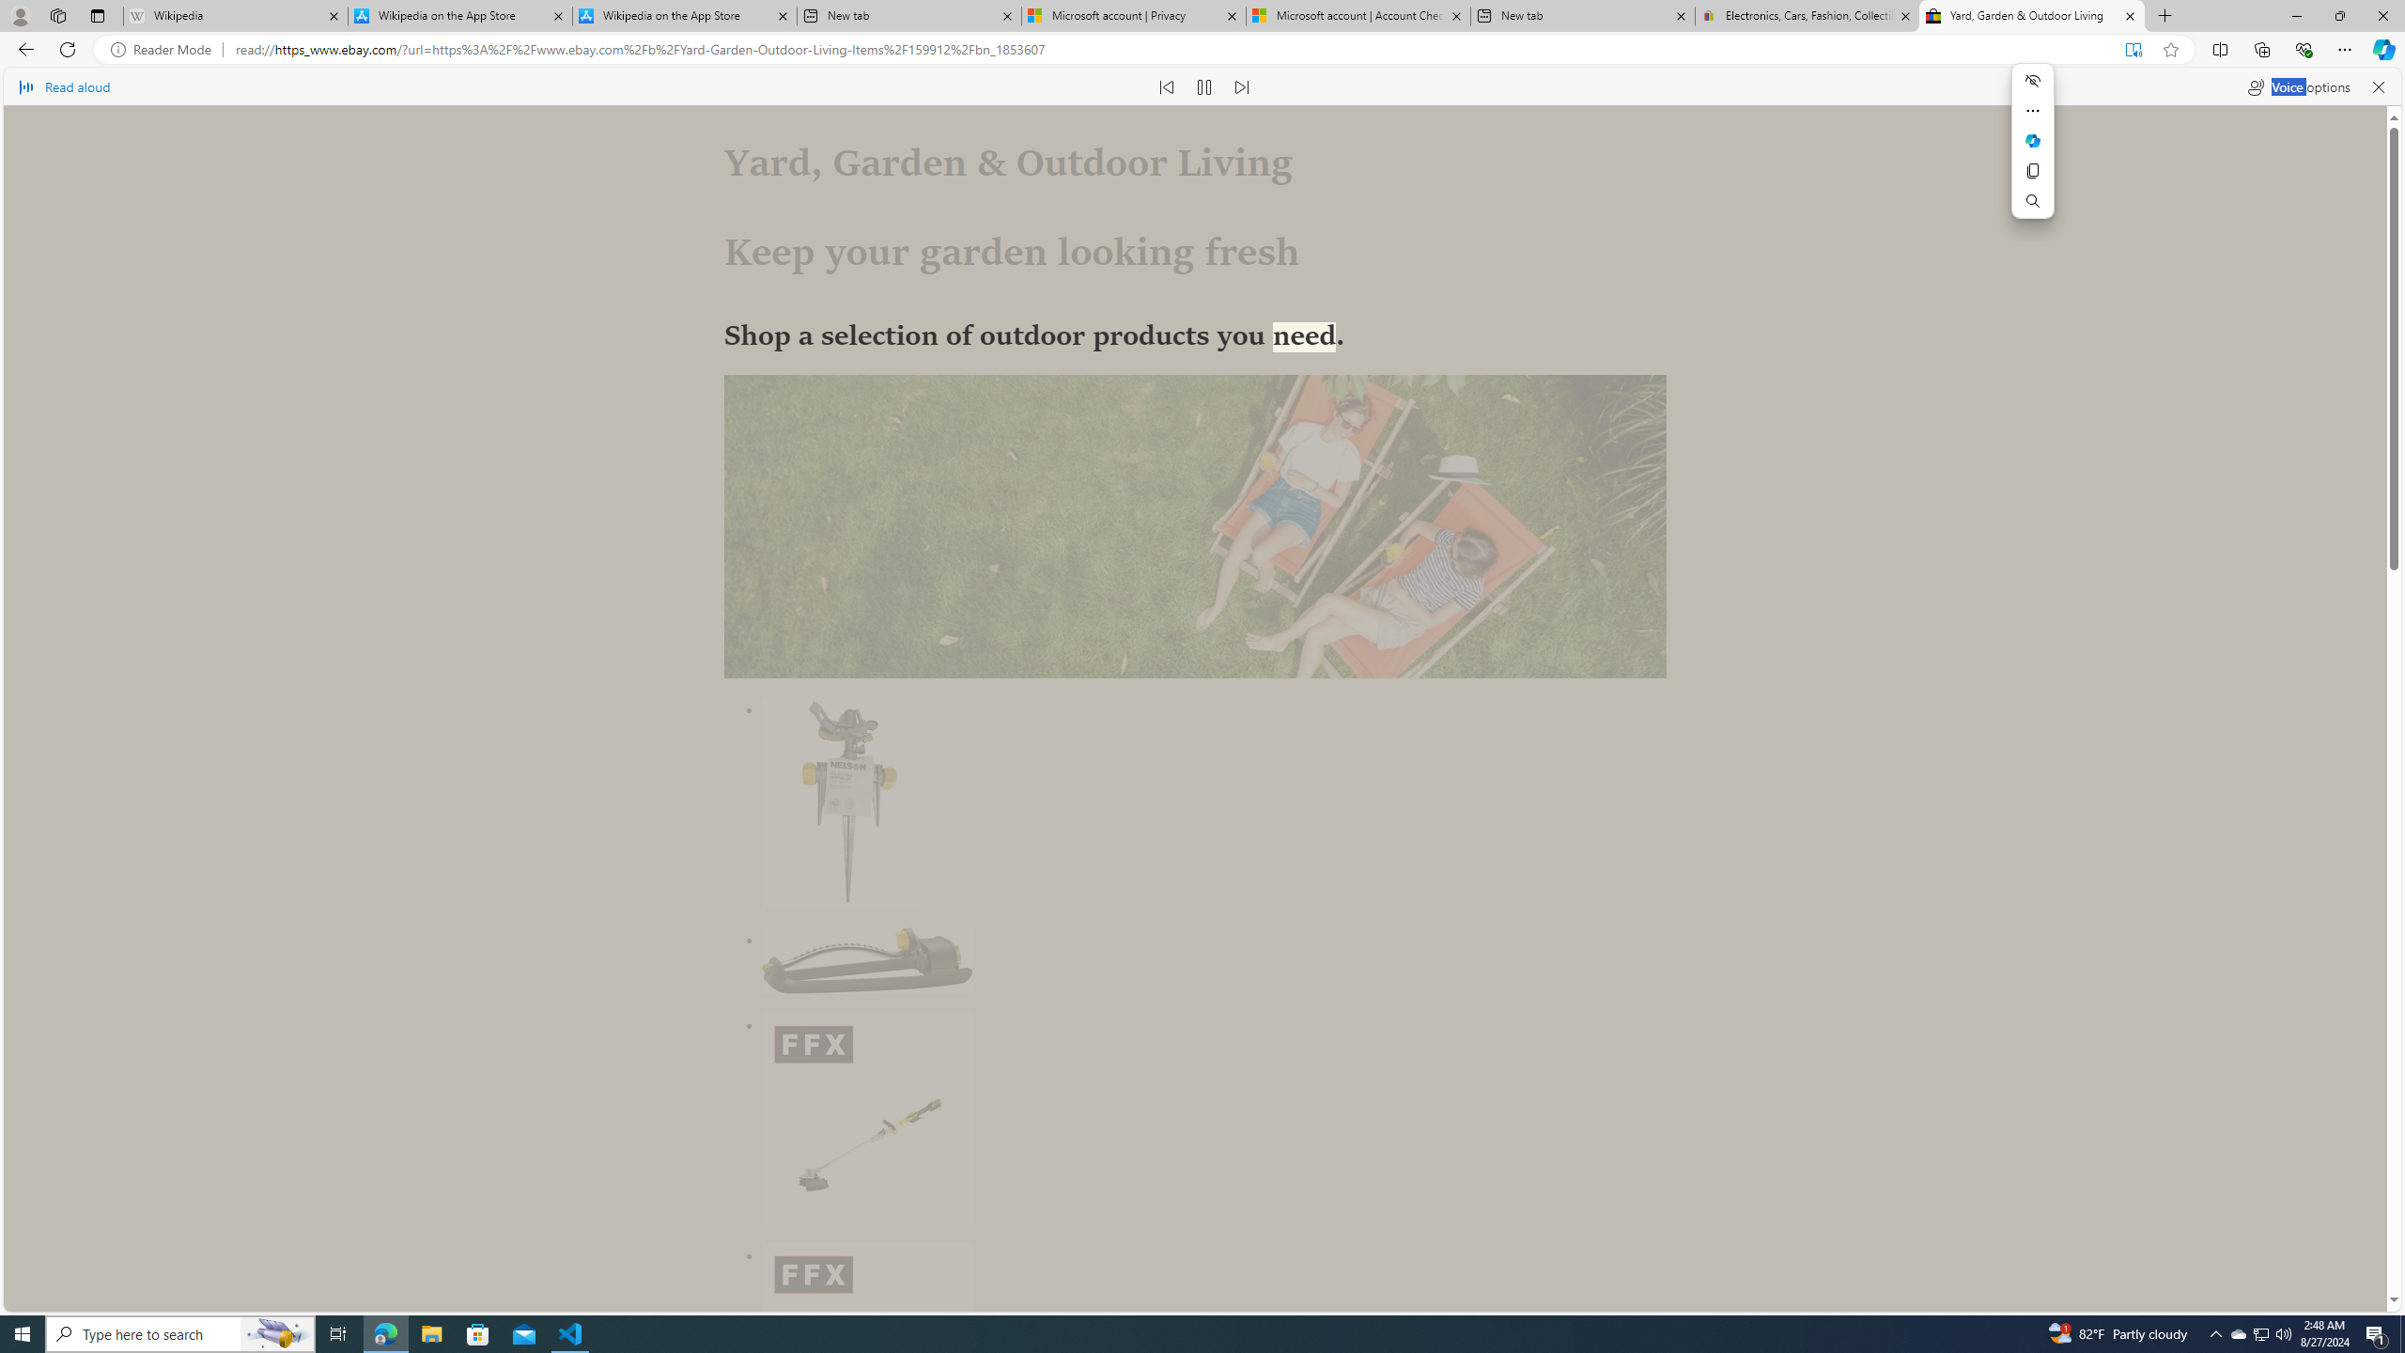 This screenshot has width=2405, height=1353. I want to click on 'Reader Mode', so click(164, 50).